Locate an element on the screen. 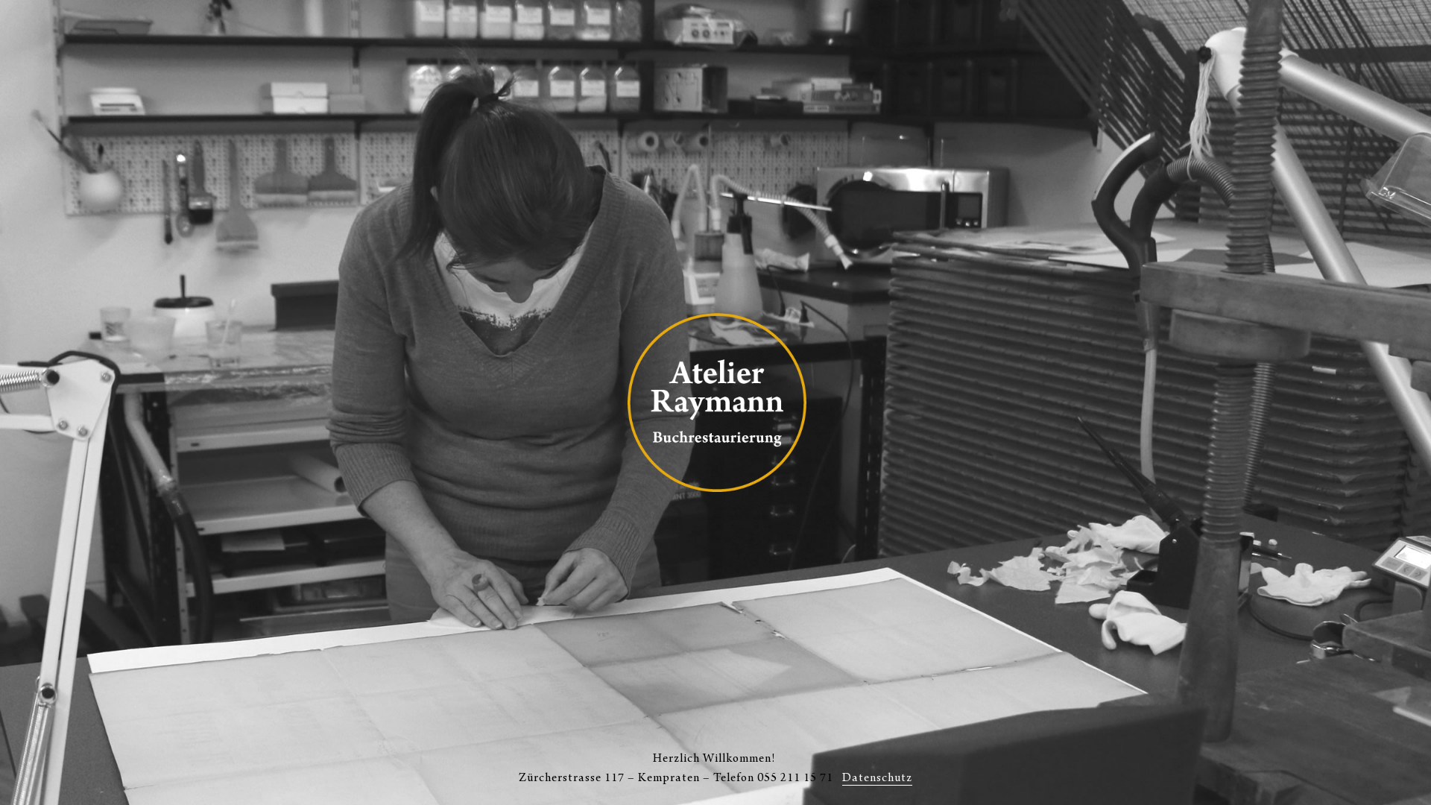  'Datenschutz' is located at coordinates (876, 778).